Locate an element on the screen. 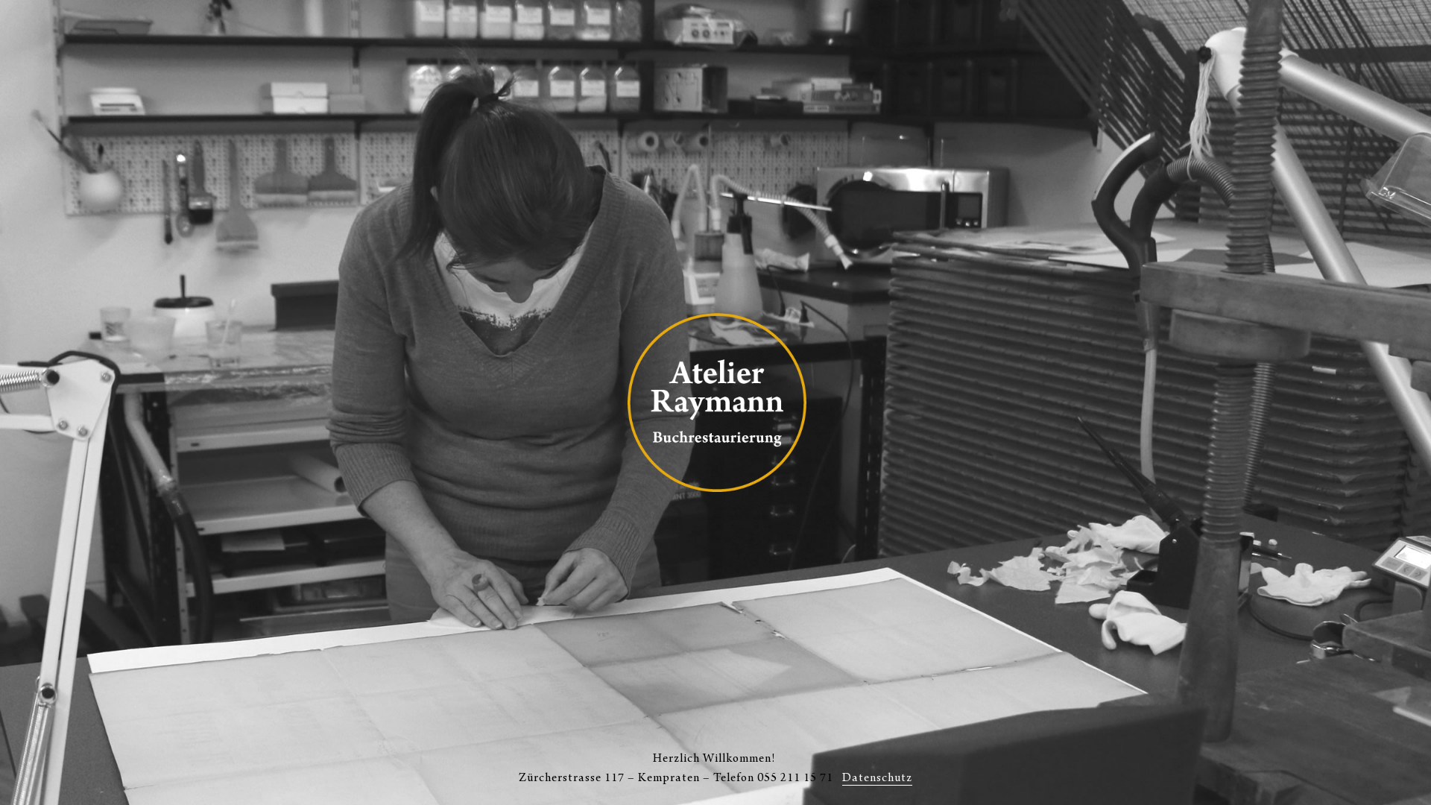  'Datenschutz' is located at coordinates (876, 778).